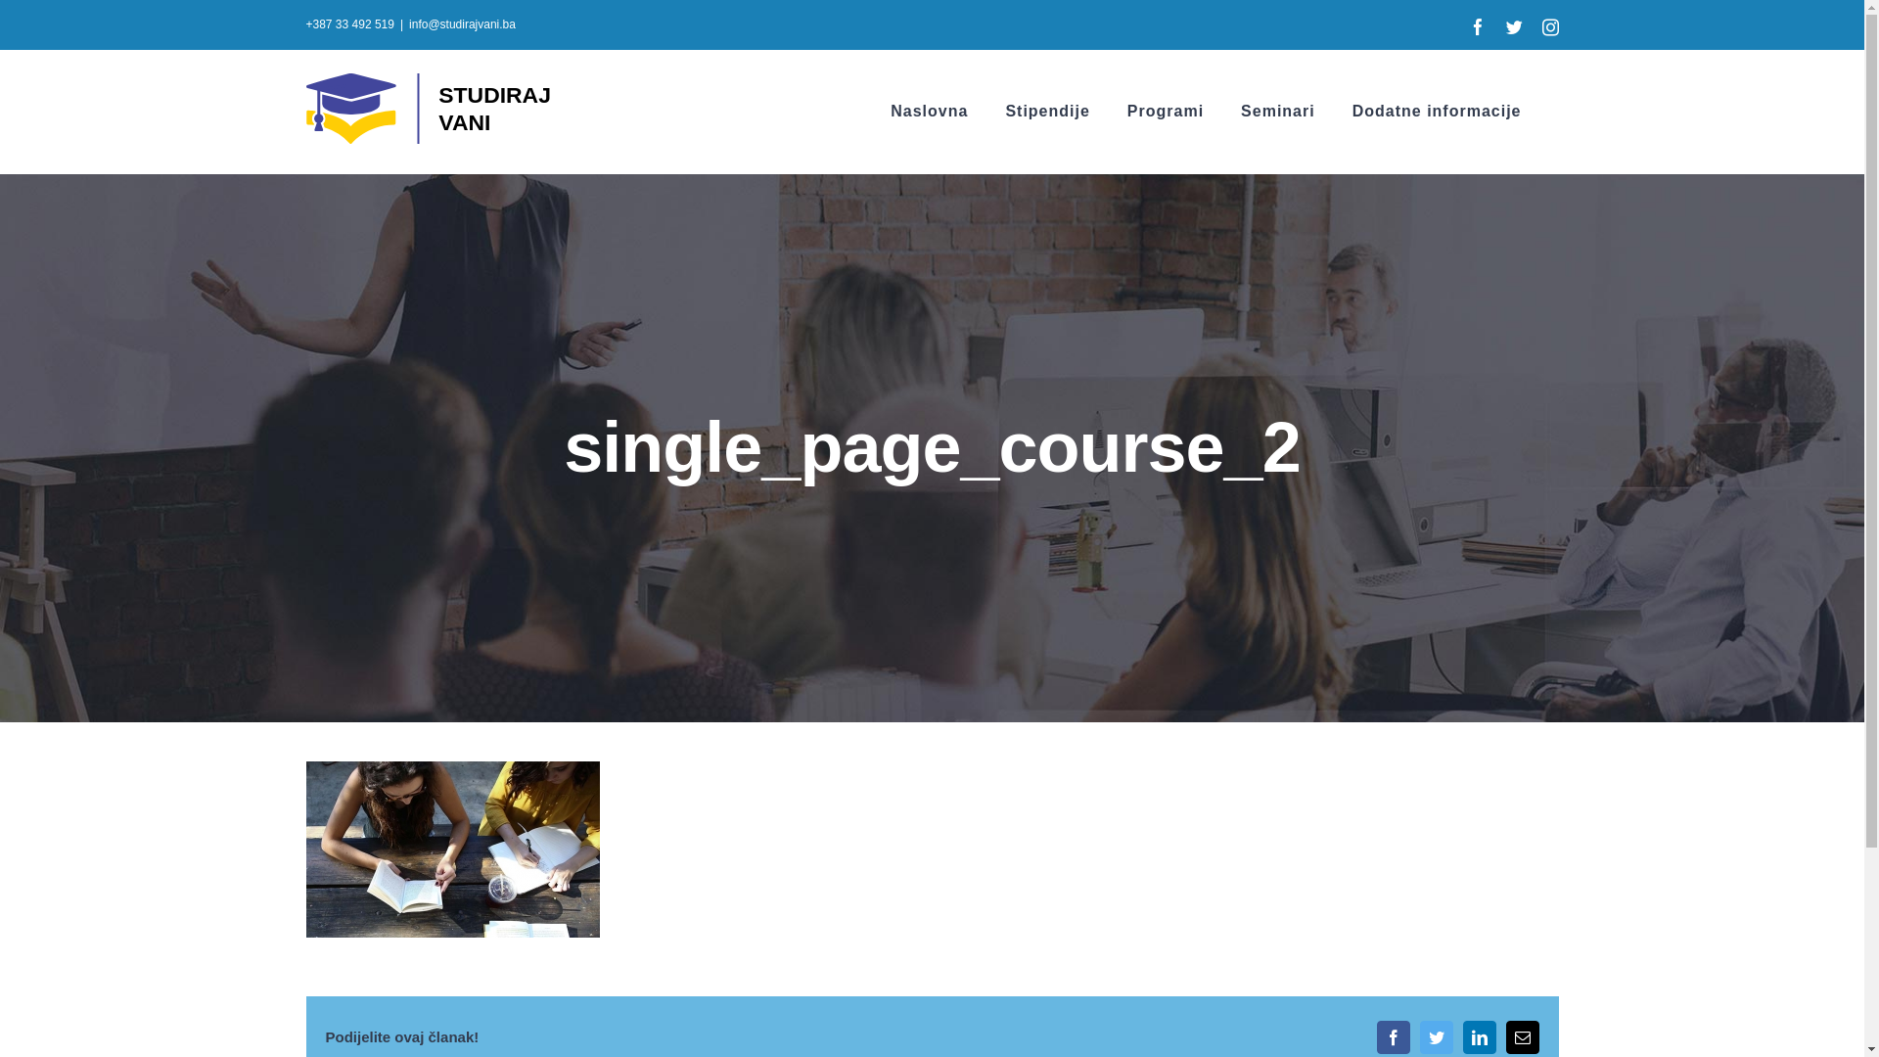  Describe the element at coordinates (1277, 112) in the screenshot. I see `'Seminari'` at that location.